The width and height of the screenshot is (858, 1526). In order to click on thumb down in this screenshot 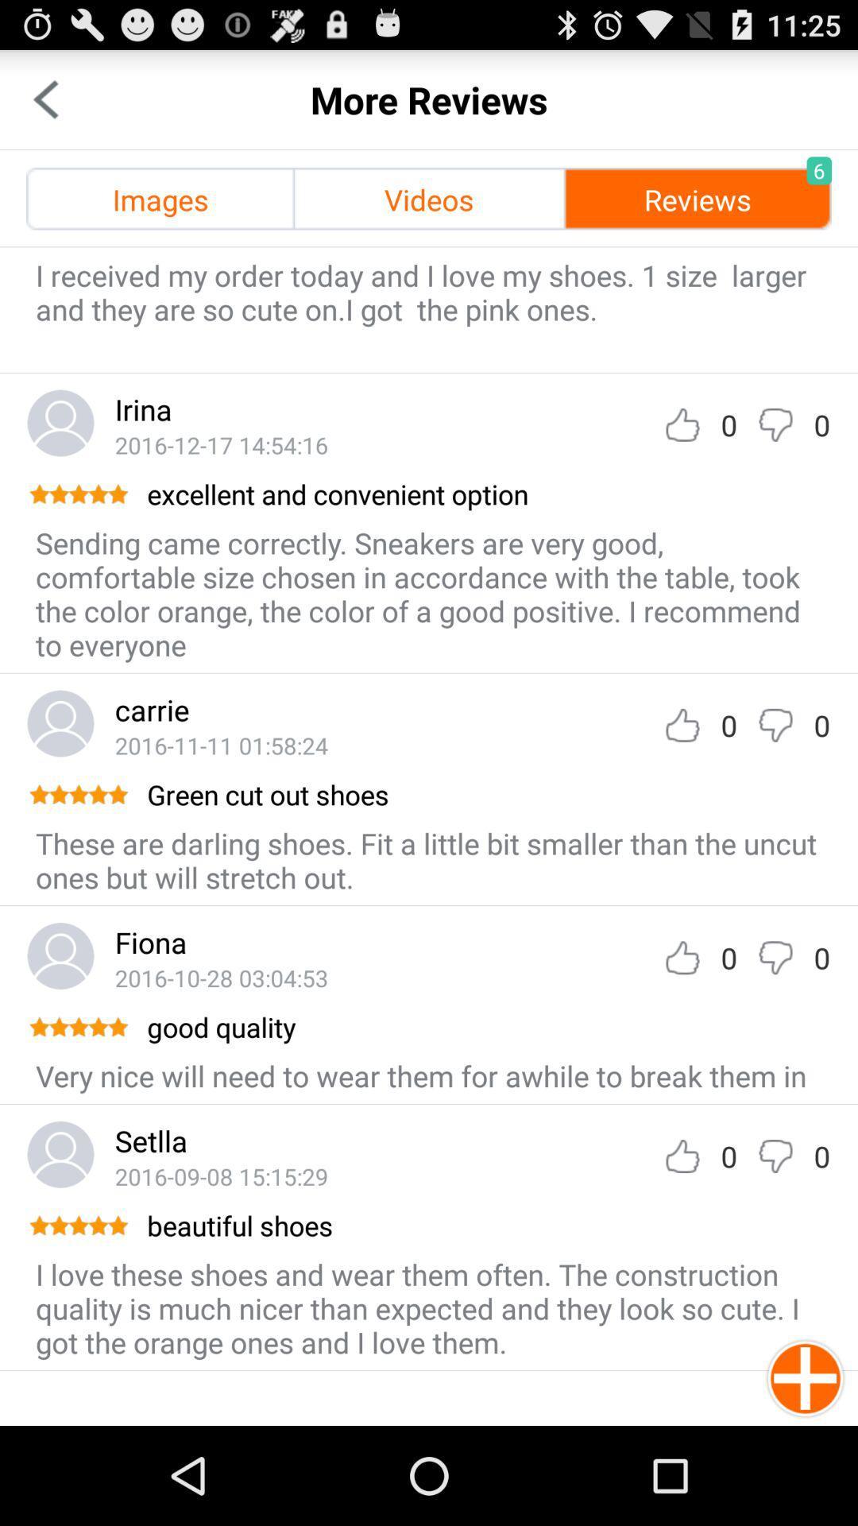, I will do `click(775, 424)`.